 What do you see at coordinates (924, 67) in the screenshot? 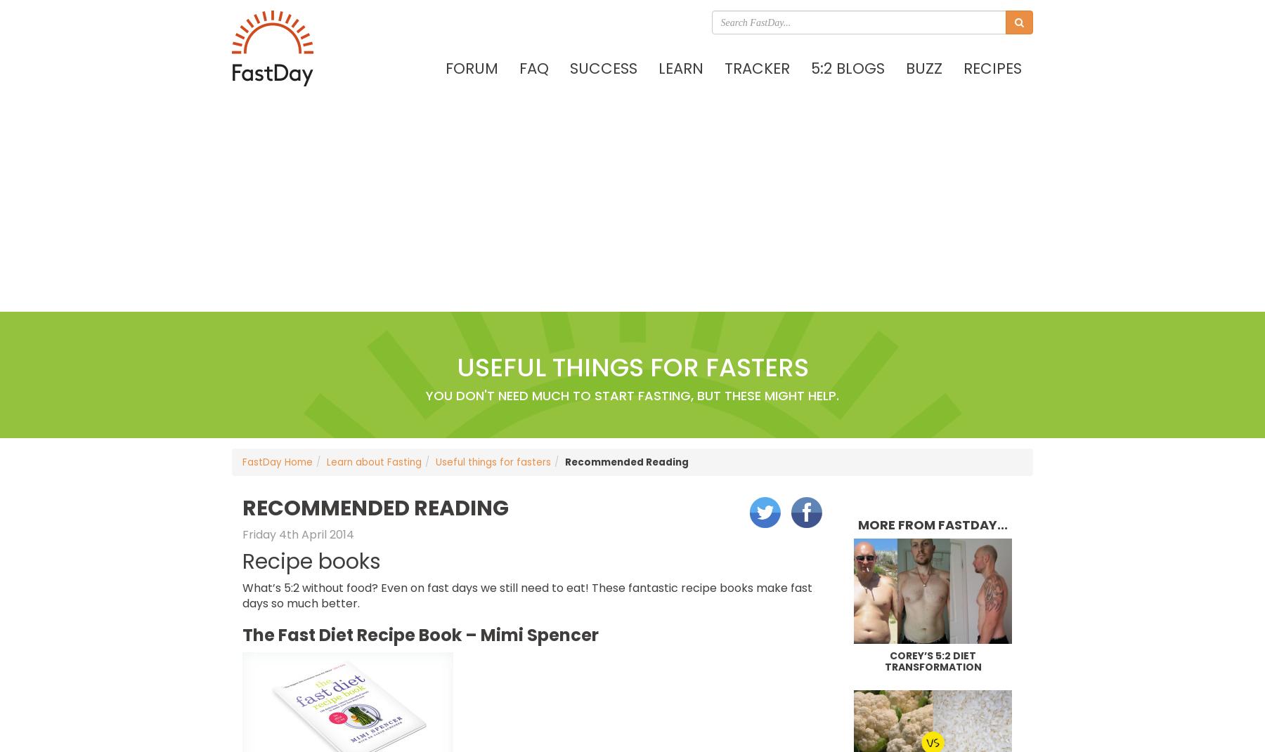
I see `'Buzz'` at bounding box center [924, 67].